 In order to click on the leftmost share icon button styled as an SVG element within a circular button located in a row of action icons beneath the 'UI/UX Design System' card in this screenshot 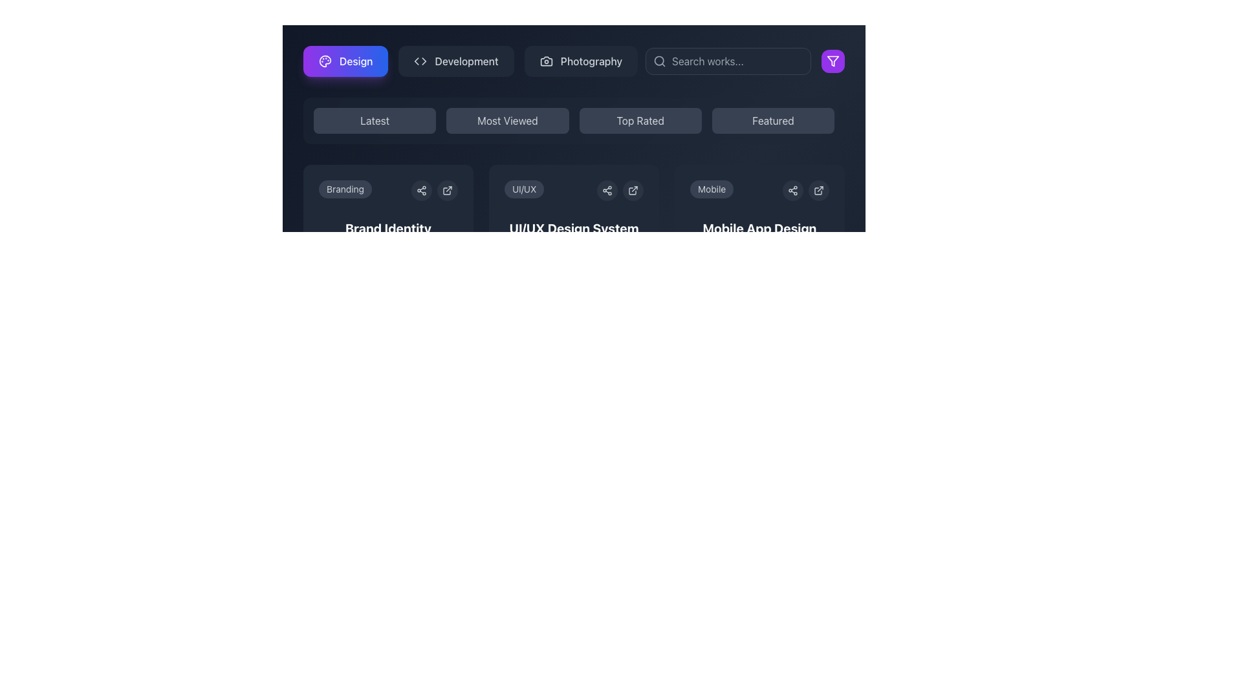, I will do `click(792, 190)`.